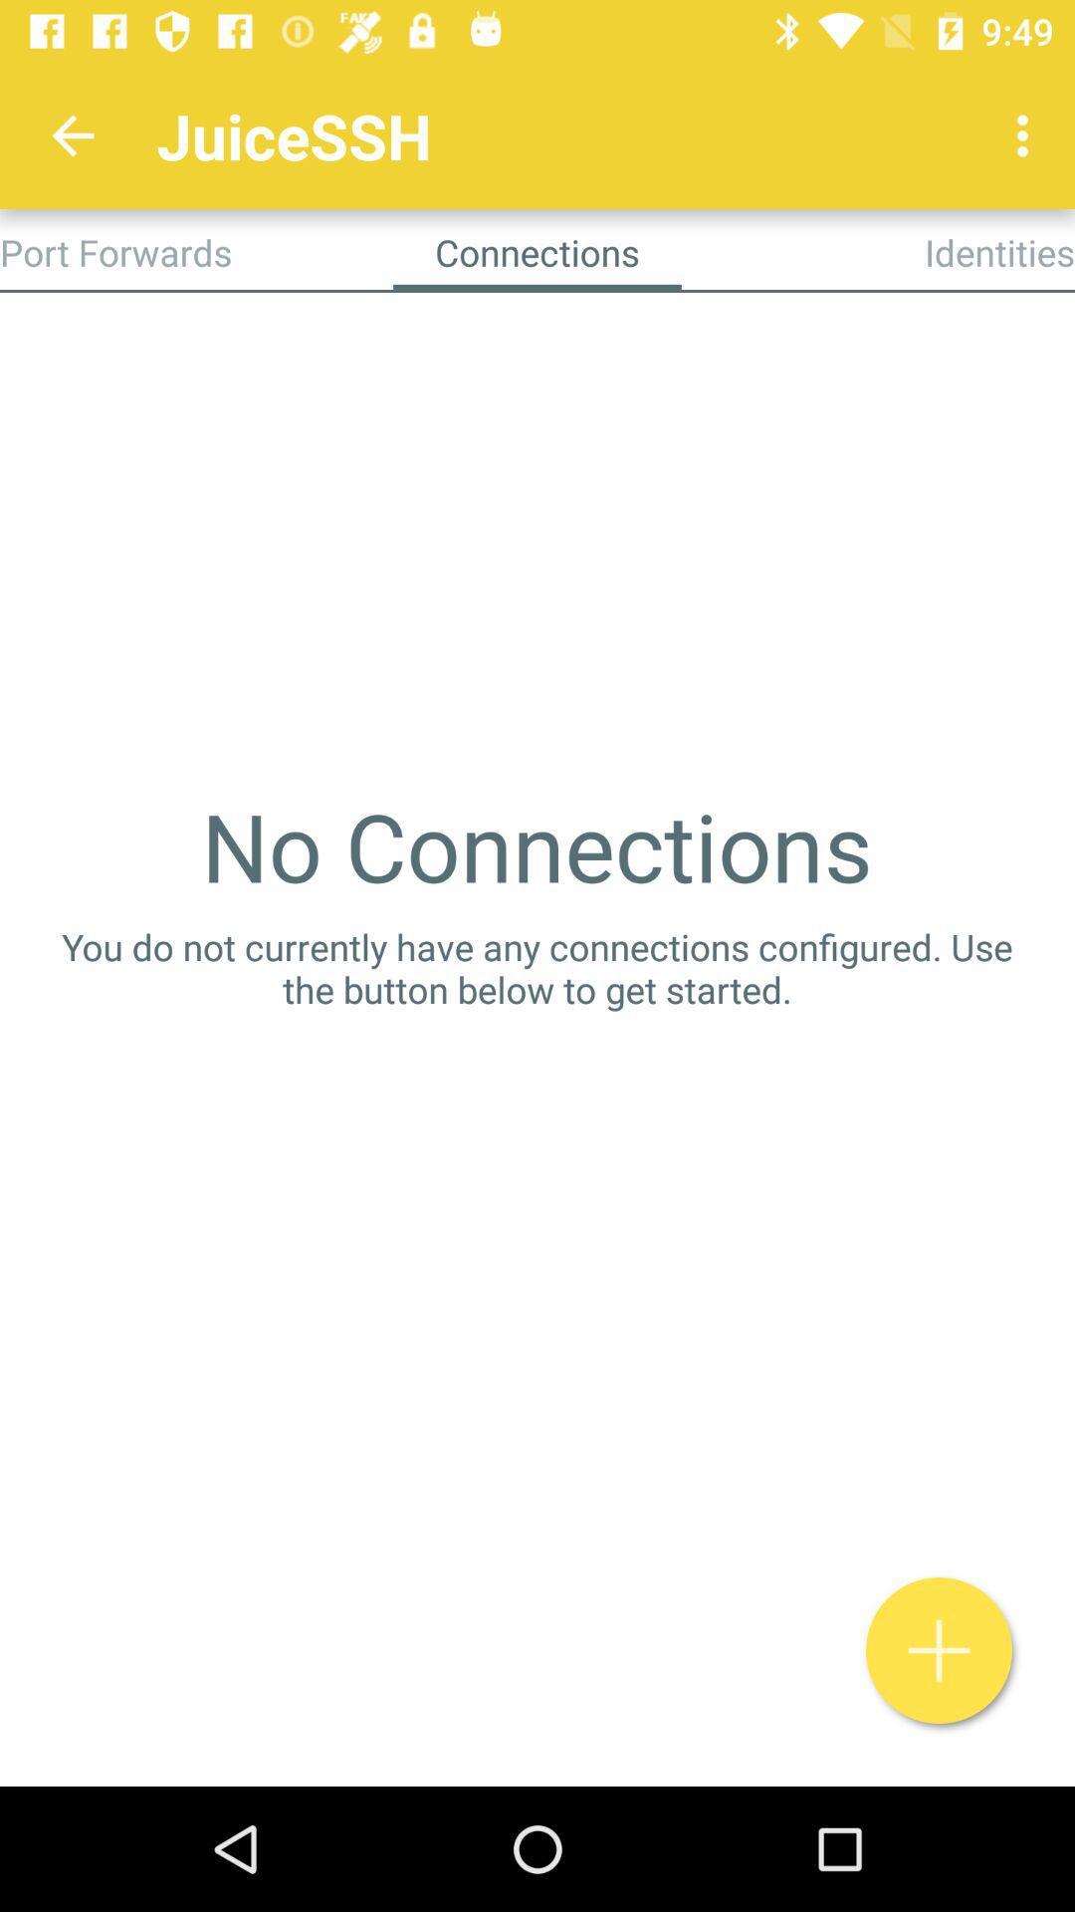 Image resolution: width=1075 pixels, height=1912 pixels. What do you see at coordinates (999, 251) in the screenshot?
I see `identities icon` at bounding box center [999, 251].